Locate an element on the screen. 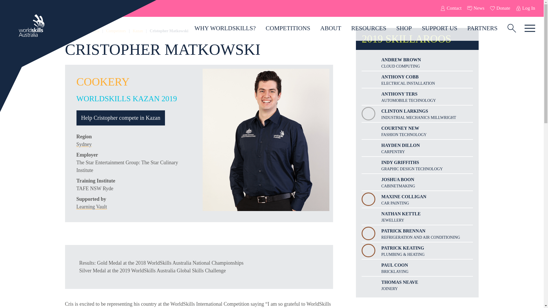 The width and height of the screenshot is (548, 308). 'SHOP' is located at coordinates (404, 28).